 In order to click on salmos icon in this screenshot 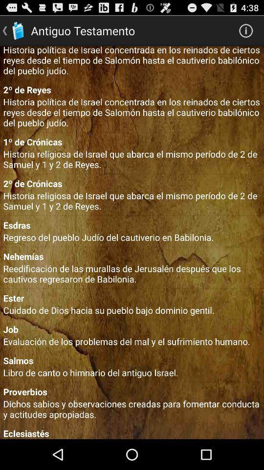, I will do `click(132, 360)`.